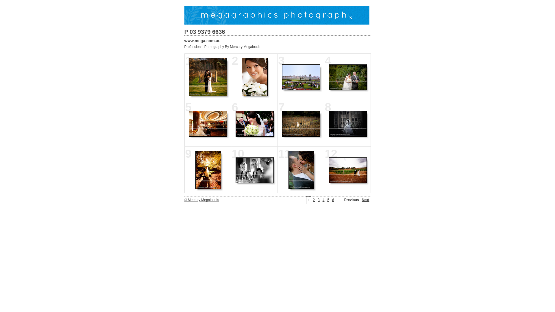 Image resolution: width=555 pixels, height=312 pixels. Describe the element at coordinates (301, 76) in the screenshot. I see `'3'` at that location.